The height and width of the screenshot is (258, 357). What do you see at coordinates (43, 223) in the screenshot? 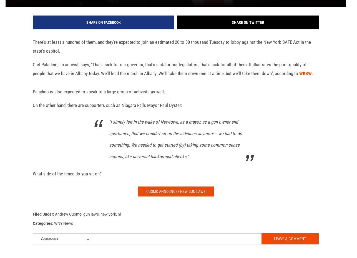
I see `'Filed Under'` at bounding box center [43, 223].